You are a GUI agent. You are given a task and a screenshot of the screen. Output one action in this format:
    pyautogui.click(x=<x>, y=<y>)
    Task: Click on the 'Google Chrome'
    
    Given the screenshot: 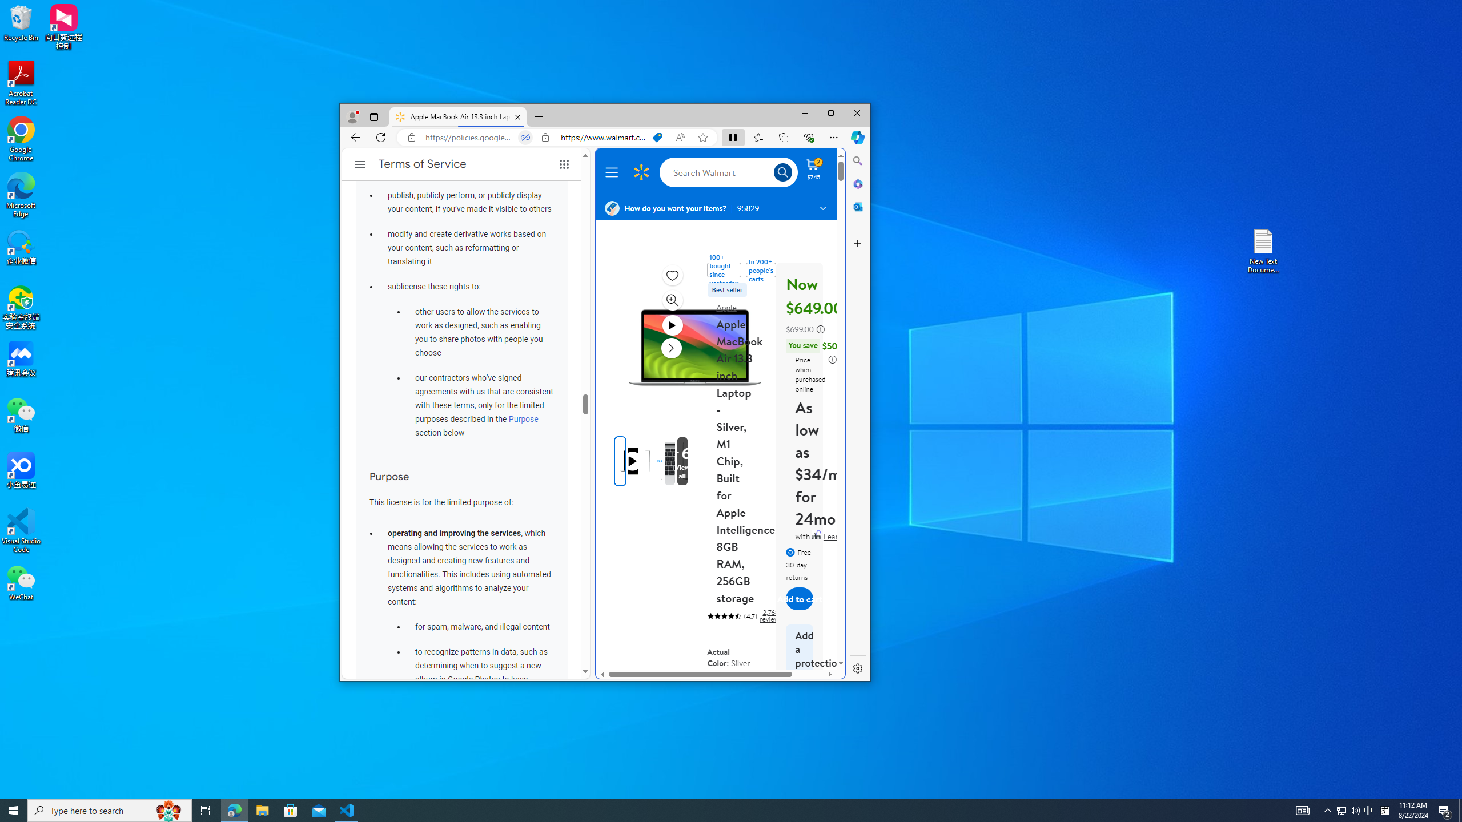 What is the action you would take?
    pyautogui.click(x=21, y=139)
    